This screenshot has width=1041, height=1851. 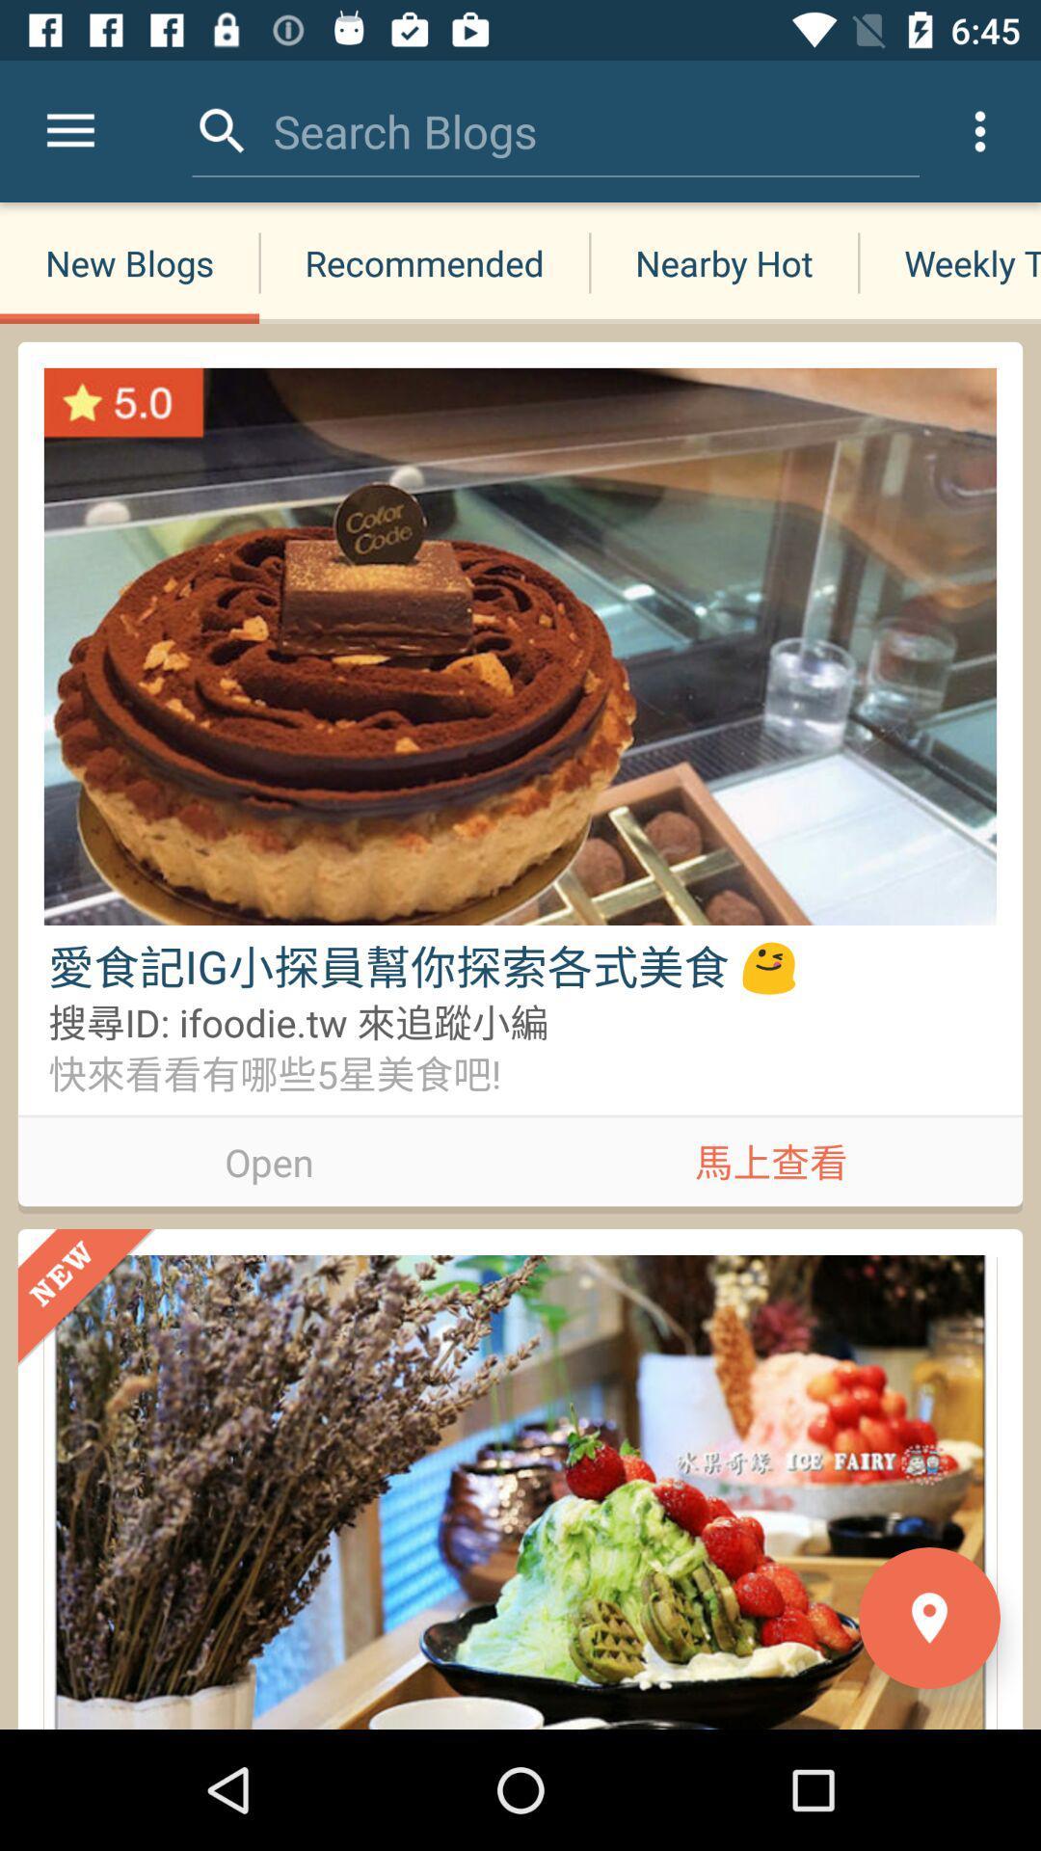 I want to click on the icon to the left of the nearby hot, so click(x=404, y=130).